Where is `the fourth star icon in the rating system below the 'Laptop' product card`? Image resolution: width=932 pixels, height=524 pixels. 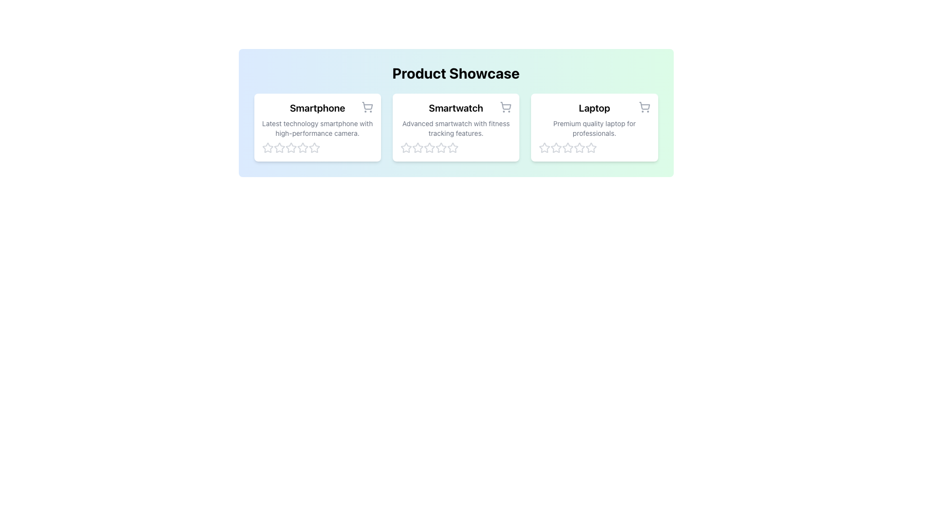
the fourth star icon in the rating system below the 'Laptop' product card is located at coordinates (580, 147).